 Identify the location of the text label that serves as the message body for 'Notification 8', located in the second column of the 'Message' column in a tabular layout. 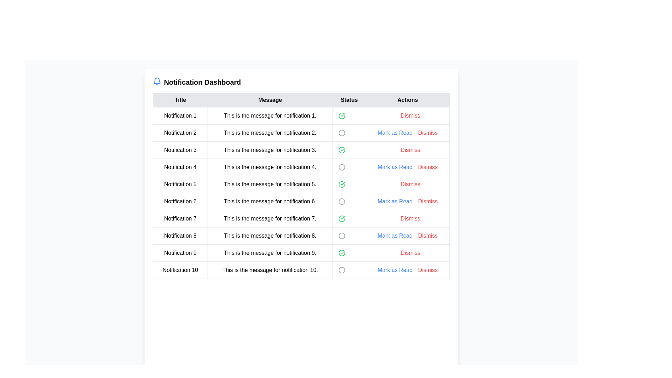
(269, 236).